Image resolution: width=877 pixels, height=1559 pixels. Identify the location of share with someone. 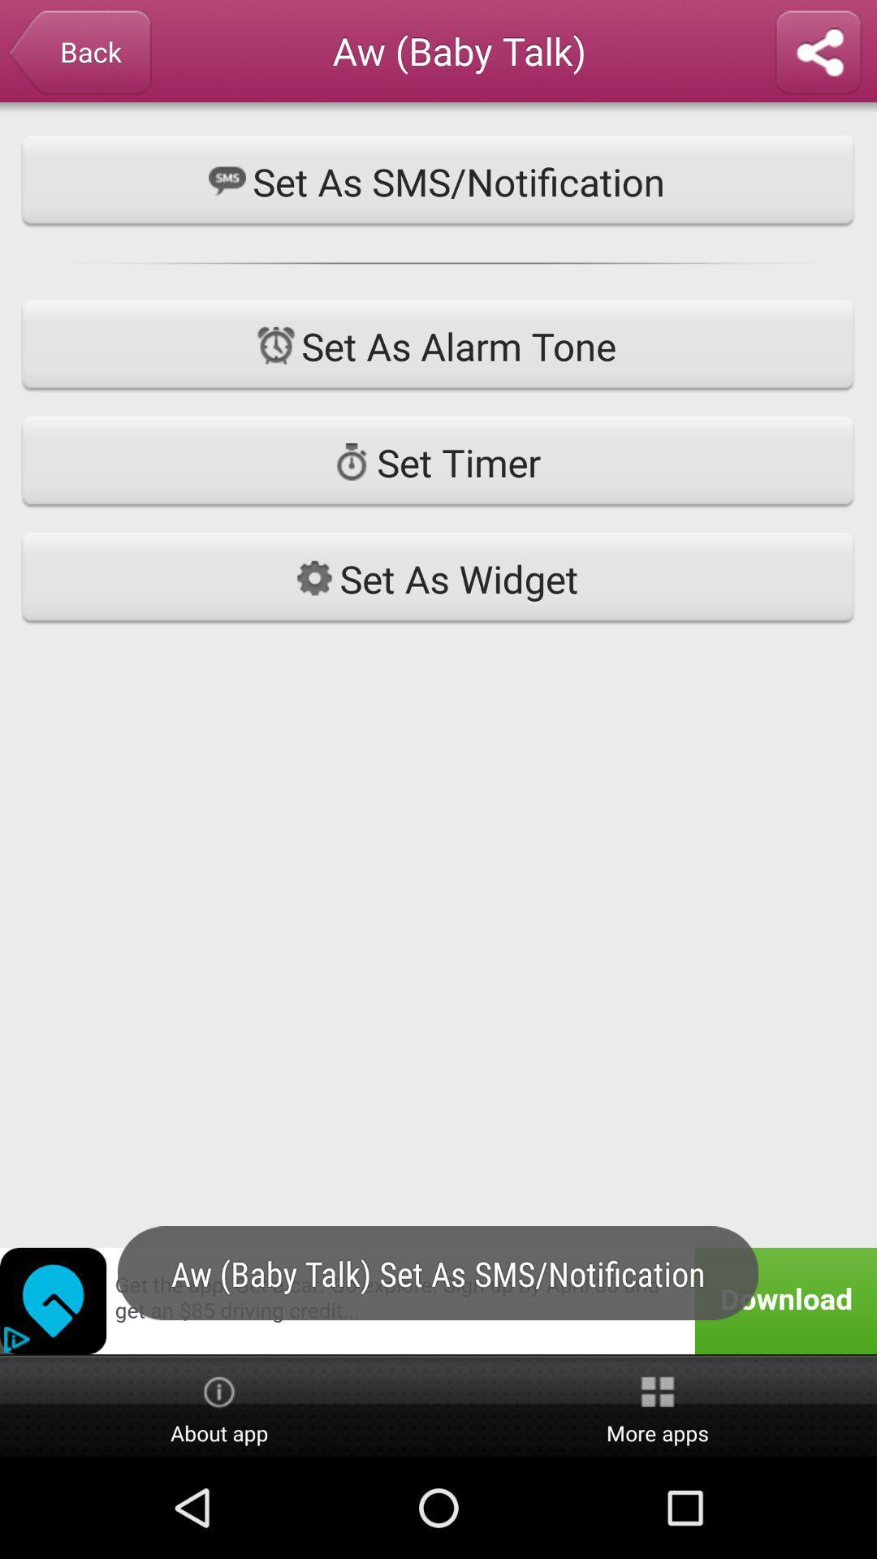
(818, 54).